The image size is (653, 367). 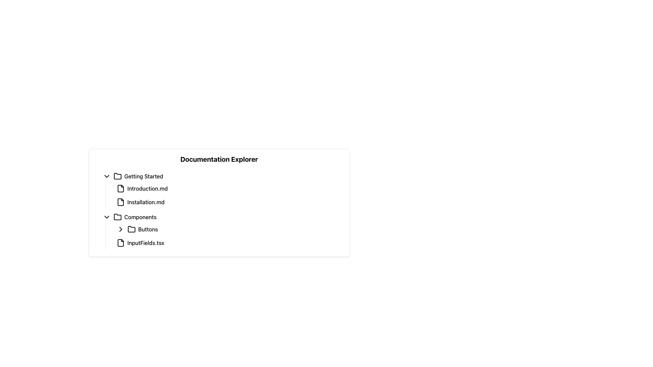 What do you see at coordinates (135, 217) in the screenshot?
I see `the selectable menu item labeled 'Components' located in the 'Documentation Explorer' under 'Getting Started'` at bounding box center [135, 217].